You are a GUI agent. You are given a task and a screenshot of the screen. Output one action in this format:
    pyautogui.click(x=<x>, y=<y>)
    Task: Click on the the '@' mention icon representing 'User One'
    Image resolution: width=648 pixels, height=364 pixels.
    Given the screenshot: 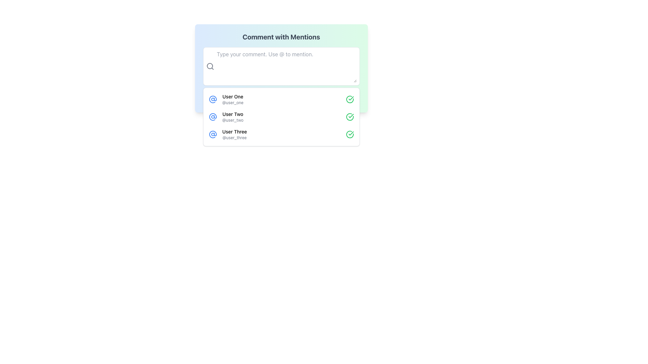 What is the action you would take?
    pyautogui.click(x=212, y=99)
    